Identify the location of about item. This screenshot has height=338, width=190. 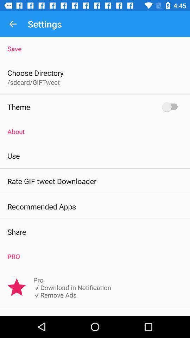
(95, 127).